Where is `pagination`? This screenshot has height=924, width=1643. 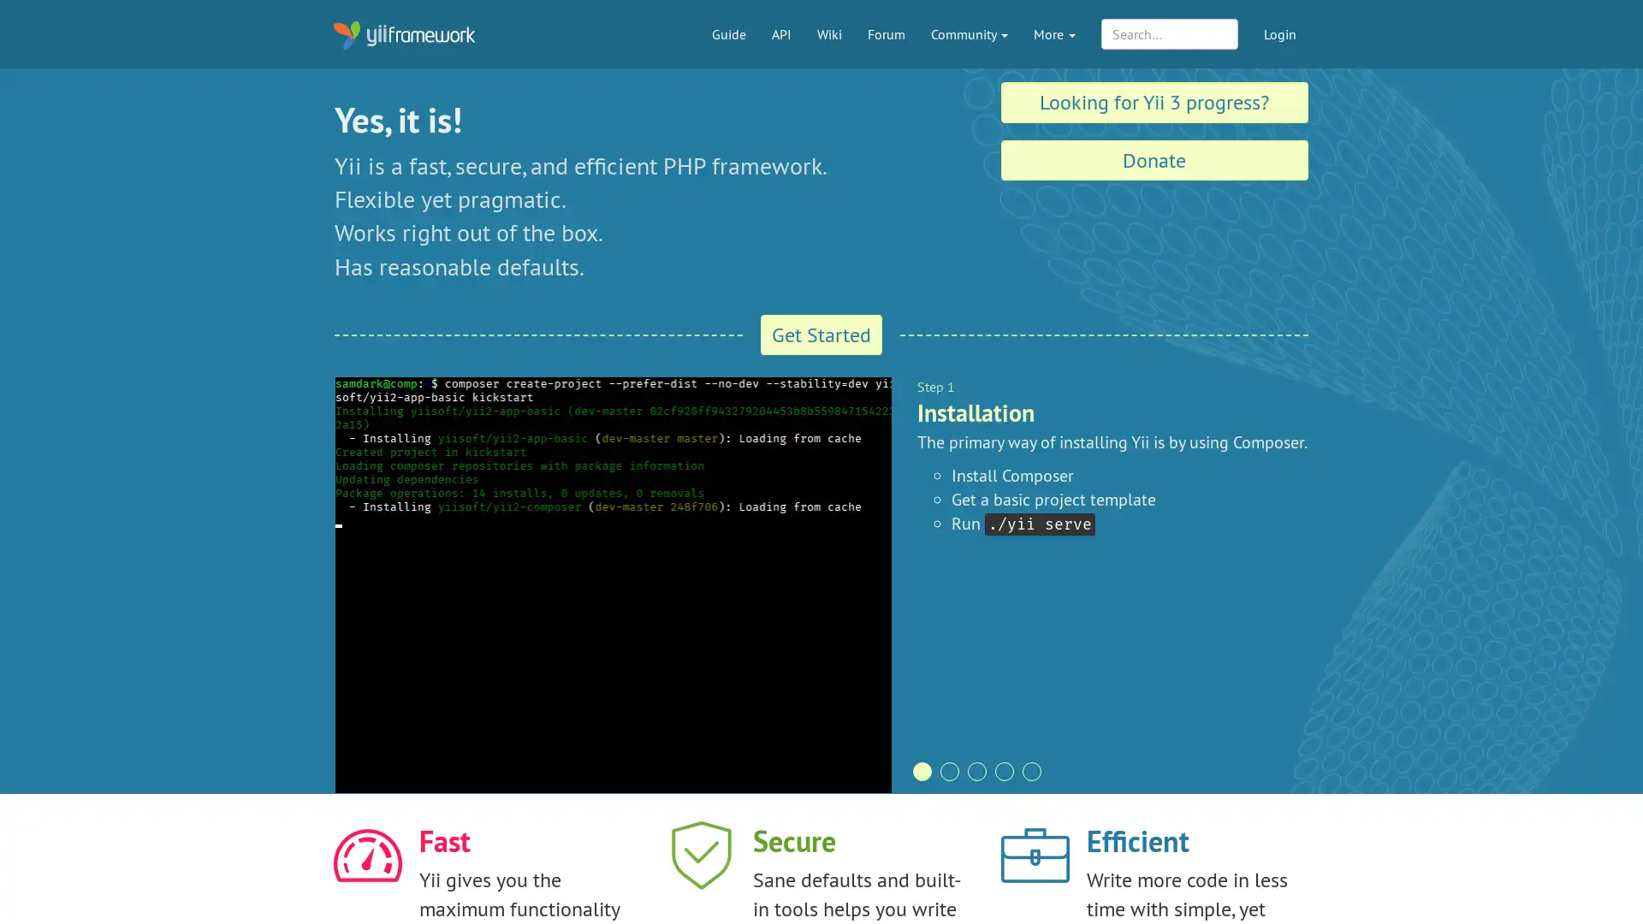 pagination is located at coordinates (1030, 772).